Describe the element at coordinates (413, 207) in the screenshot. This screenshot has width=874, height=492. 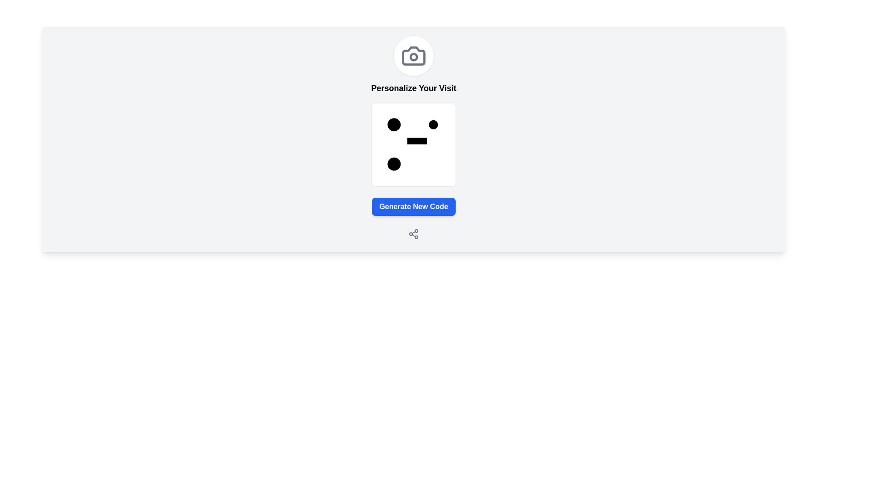
I see `the rectangular button with a blue background and white text that reads 'Generate New Code'` at that location.